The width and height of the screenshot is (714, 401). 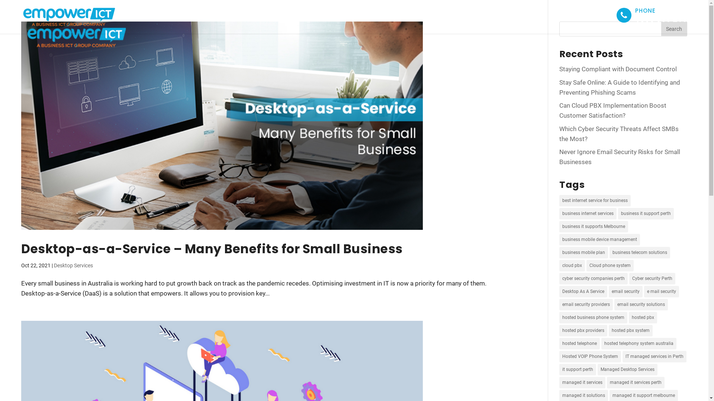 I want to click on 'business internet services', so click(x=559, y=213).